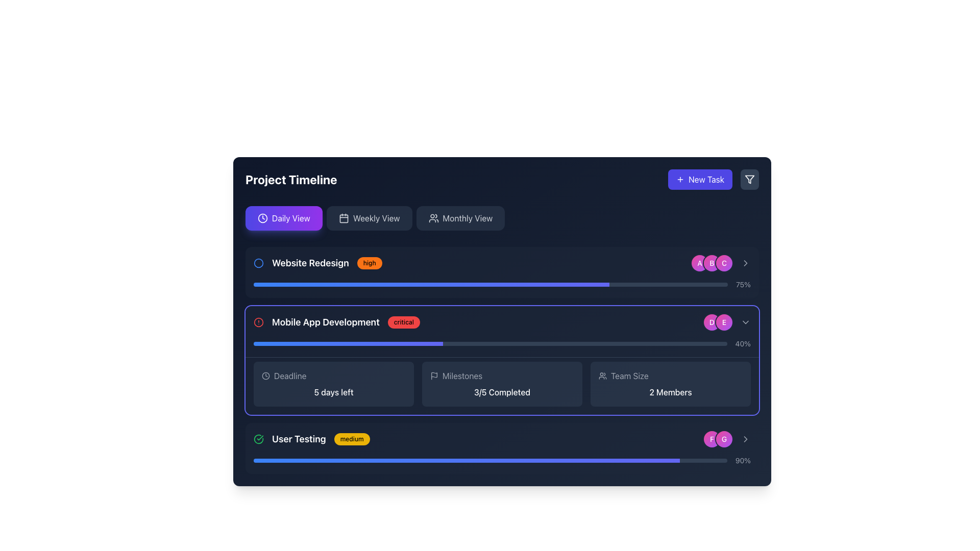 This screenshot has width=980, height=551. Describe the element at coordinates (433, 218) in the screenshot. I see `the 'Monthly View' button, which contains an icon of a group of people` at that location.